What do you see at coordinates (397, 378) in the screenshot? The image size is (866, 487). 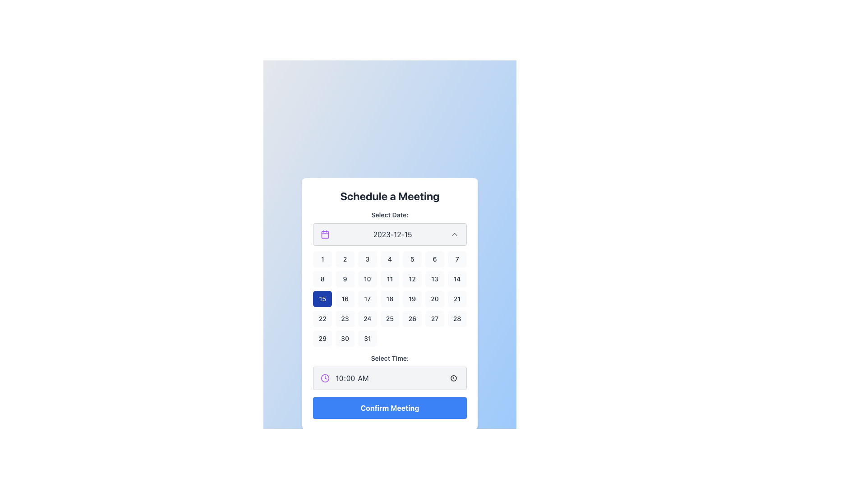 I see `the Time input field located beneath the calendar component in the 'Schedule a Meeting' interface to enter edit mode` at bounding box center [397, 378].